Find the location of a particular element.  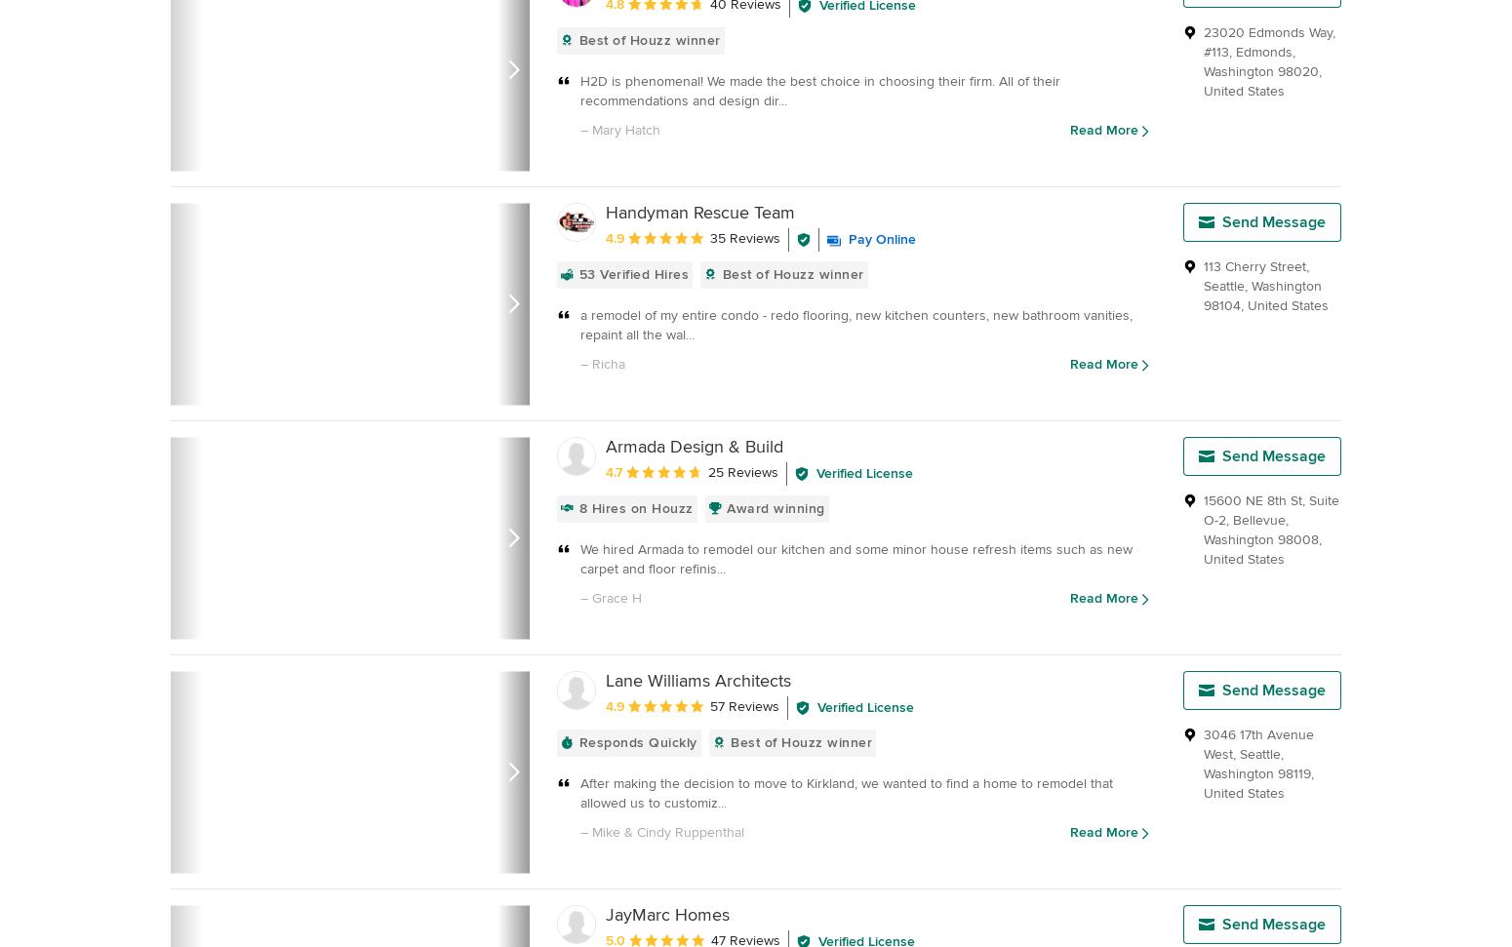

'Bellevue' is located at coordinates (1257, 519).